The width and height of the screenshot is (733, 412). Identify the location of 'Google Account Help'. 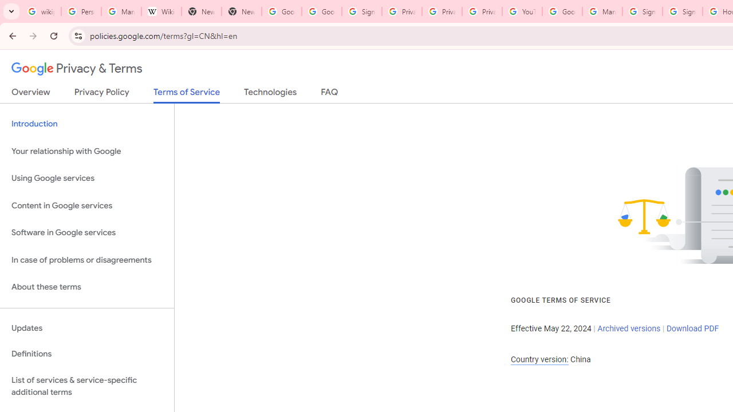
(562, 11).